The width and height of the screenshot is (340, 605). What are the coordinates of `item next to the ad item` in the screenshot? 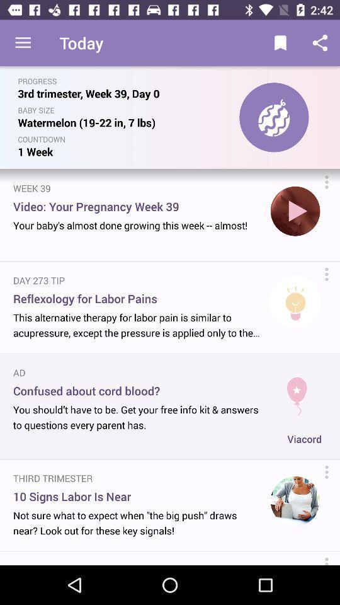 It's located at (297, 391).